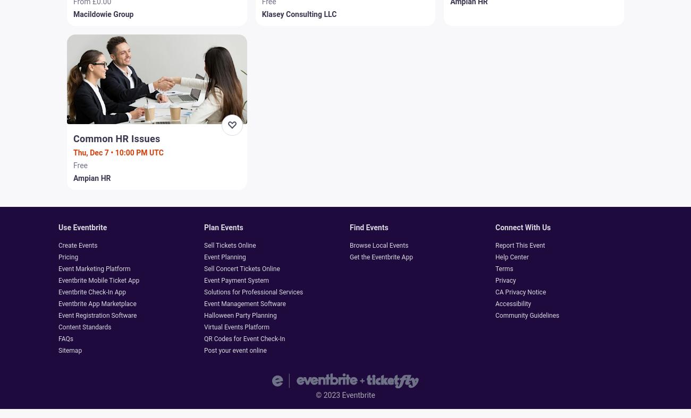  Describe the element at coordinates (225, 257) in the screenshot. I see `'Event Planning'` at that location.